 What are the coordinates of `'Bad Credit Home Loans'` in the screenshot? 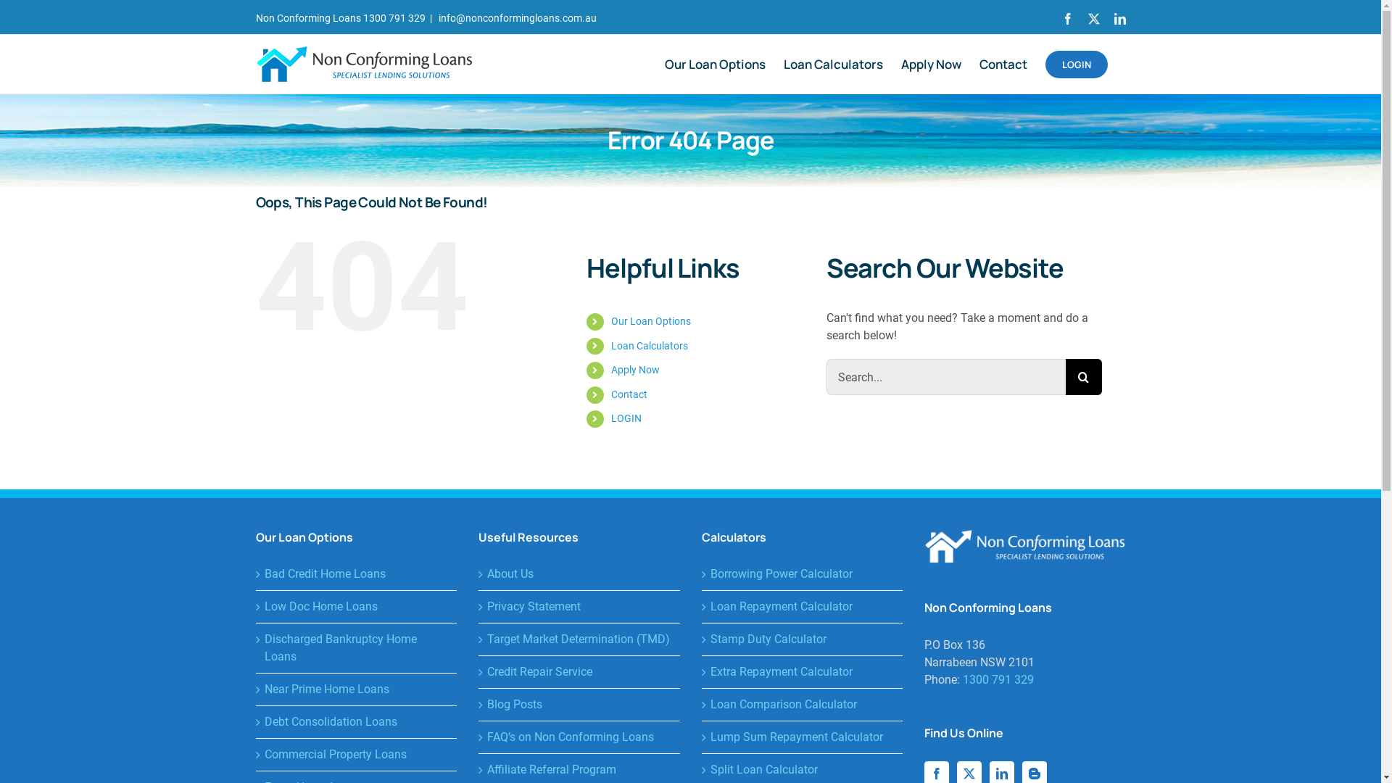 It's located at (356, 573).